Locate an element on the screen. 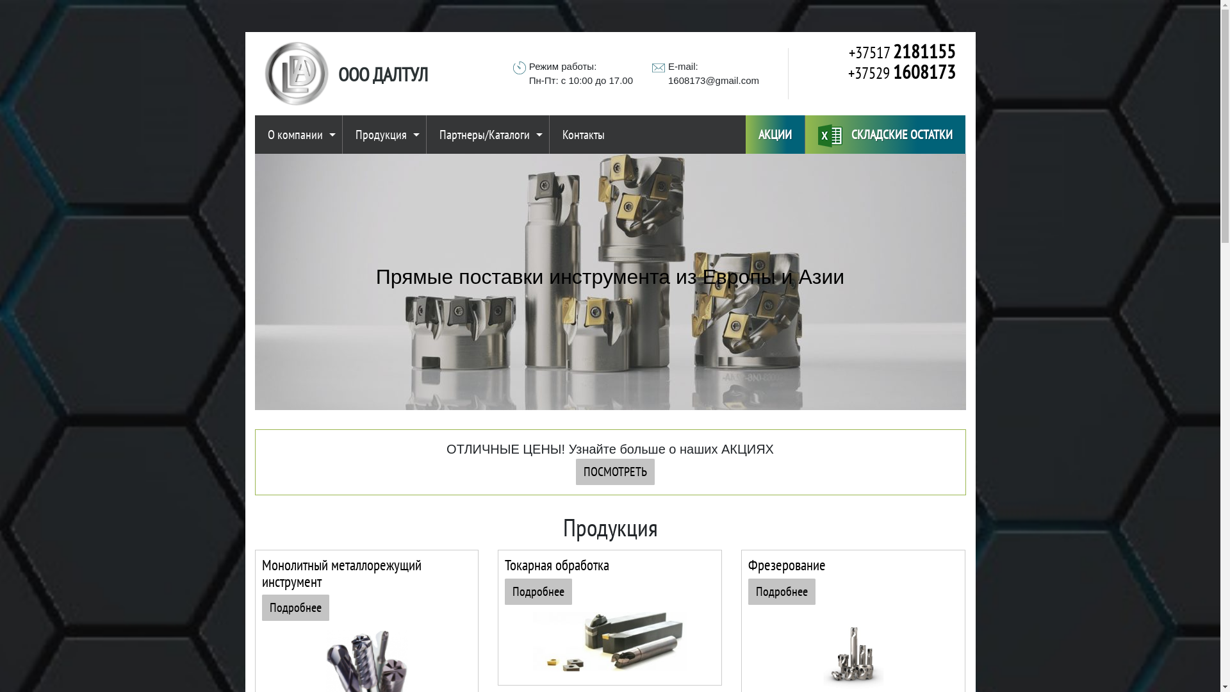 The image size is (1230, 692). '+37529 1608173' is located at coordinates (876, 72).